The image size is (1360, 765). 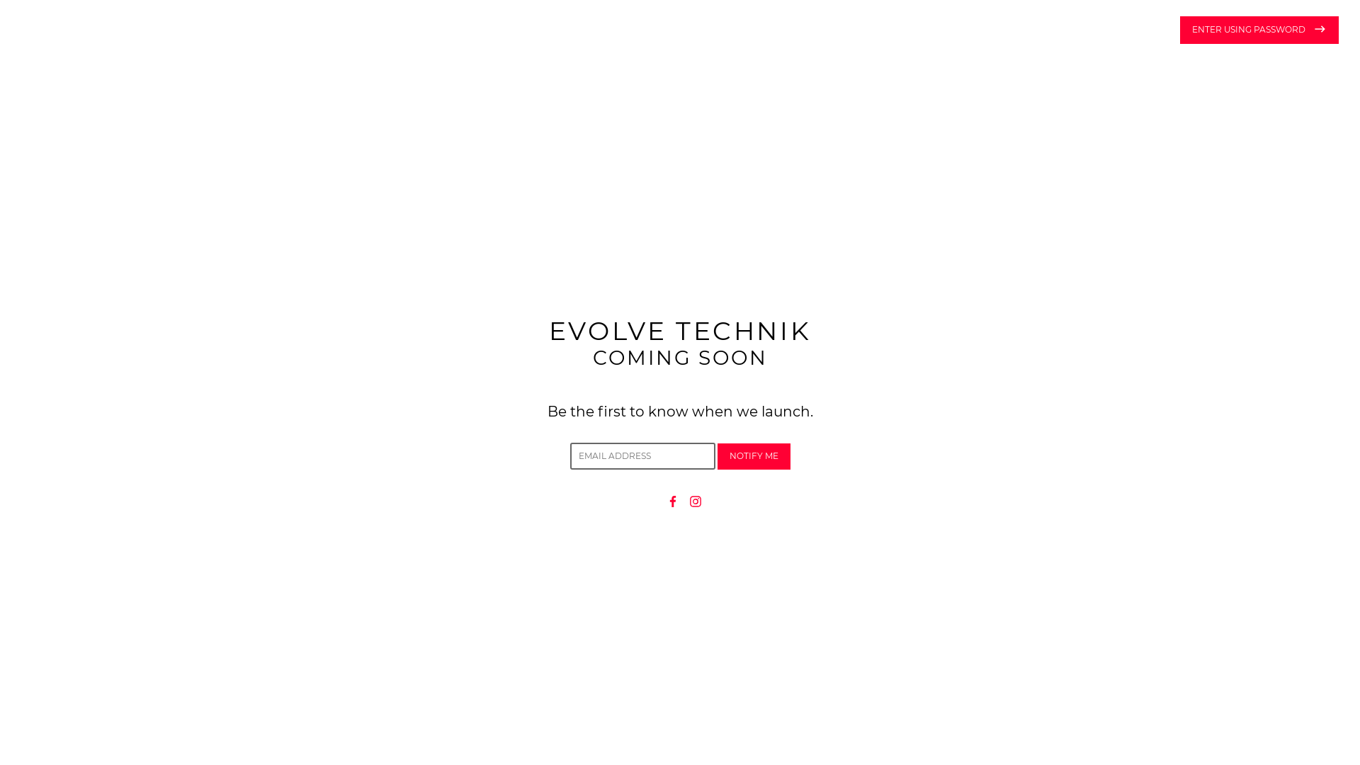 I want to click on 'Evolve Technik on Instagram', so click(x=696, y=499).